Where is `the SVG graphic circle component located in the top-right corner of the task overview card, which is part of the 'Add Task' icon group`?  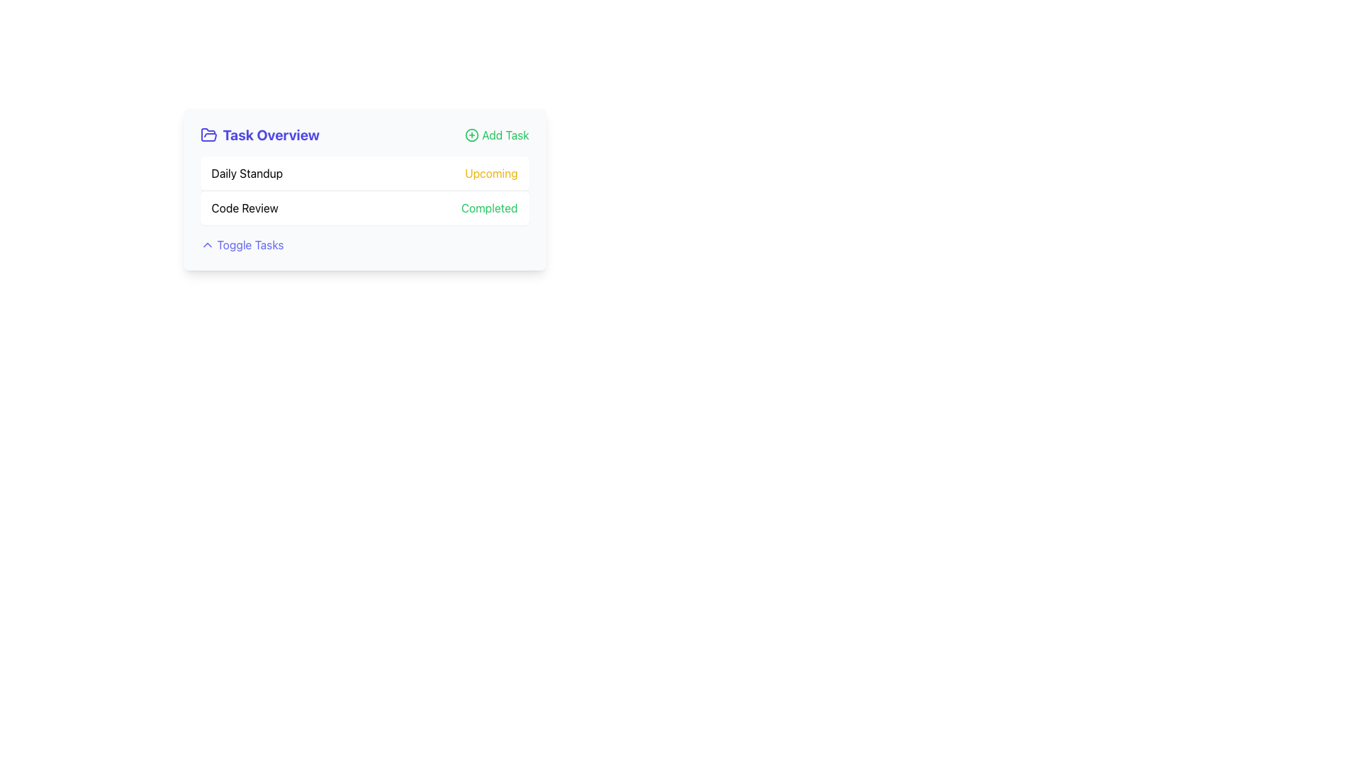 the SVG graphic circle component located in the top-right corner of the task overview card, which is part of the 'Add Task' icon group is located at coordinates (472, 135).